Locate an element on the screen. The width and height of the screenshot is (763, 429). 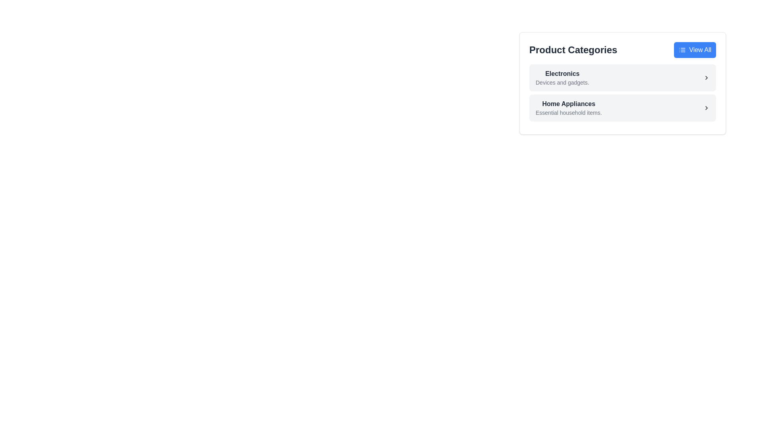
the list item titled 'Home Appliances' which has a subtitle 'Essential household items', positioned between 'Electronics' and a rightward arrow icon is located at coordinates (568, 108).